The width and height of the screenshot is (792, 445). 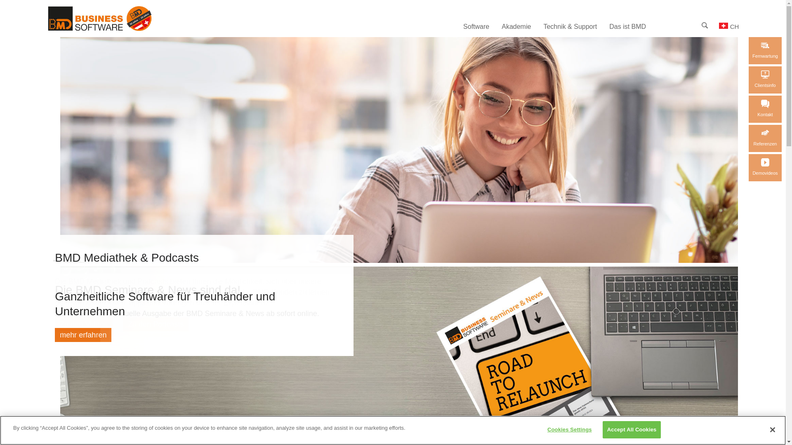 I want to click on 'Demovideos', so click(x=764, y=167).